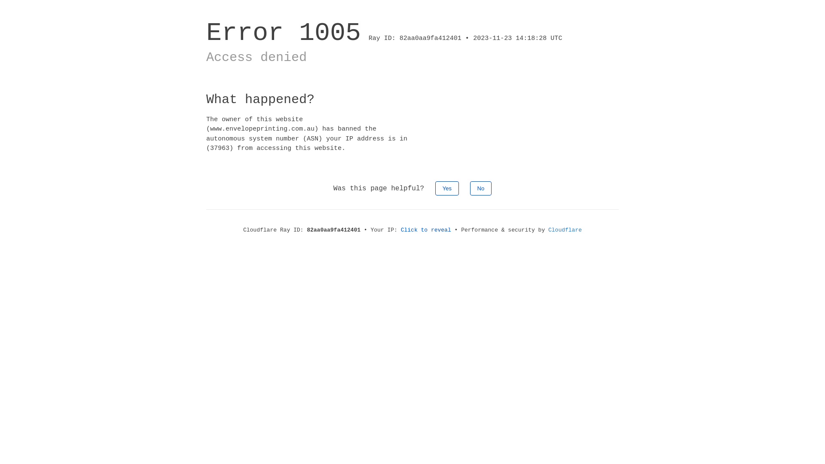 This screenshot has height=464, width=825. I want to click on 'Cloudflare', so click(565, 229).